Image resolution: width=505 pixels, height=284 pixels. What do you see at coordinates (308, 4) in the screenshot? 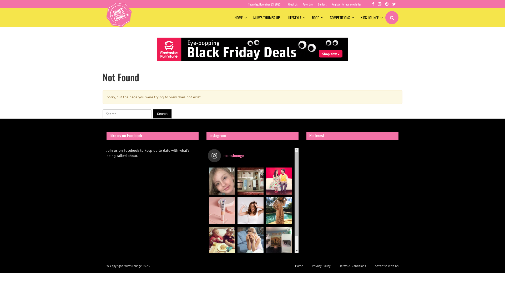
I see `'Advertise'` at bounding box center [308, 4].